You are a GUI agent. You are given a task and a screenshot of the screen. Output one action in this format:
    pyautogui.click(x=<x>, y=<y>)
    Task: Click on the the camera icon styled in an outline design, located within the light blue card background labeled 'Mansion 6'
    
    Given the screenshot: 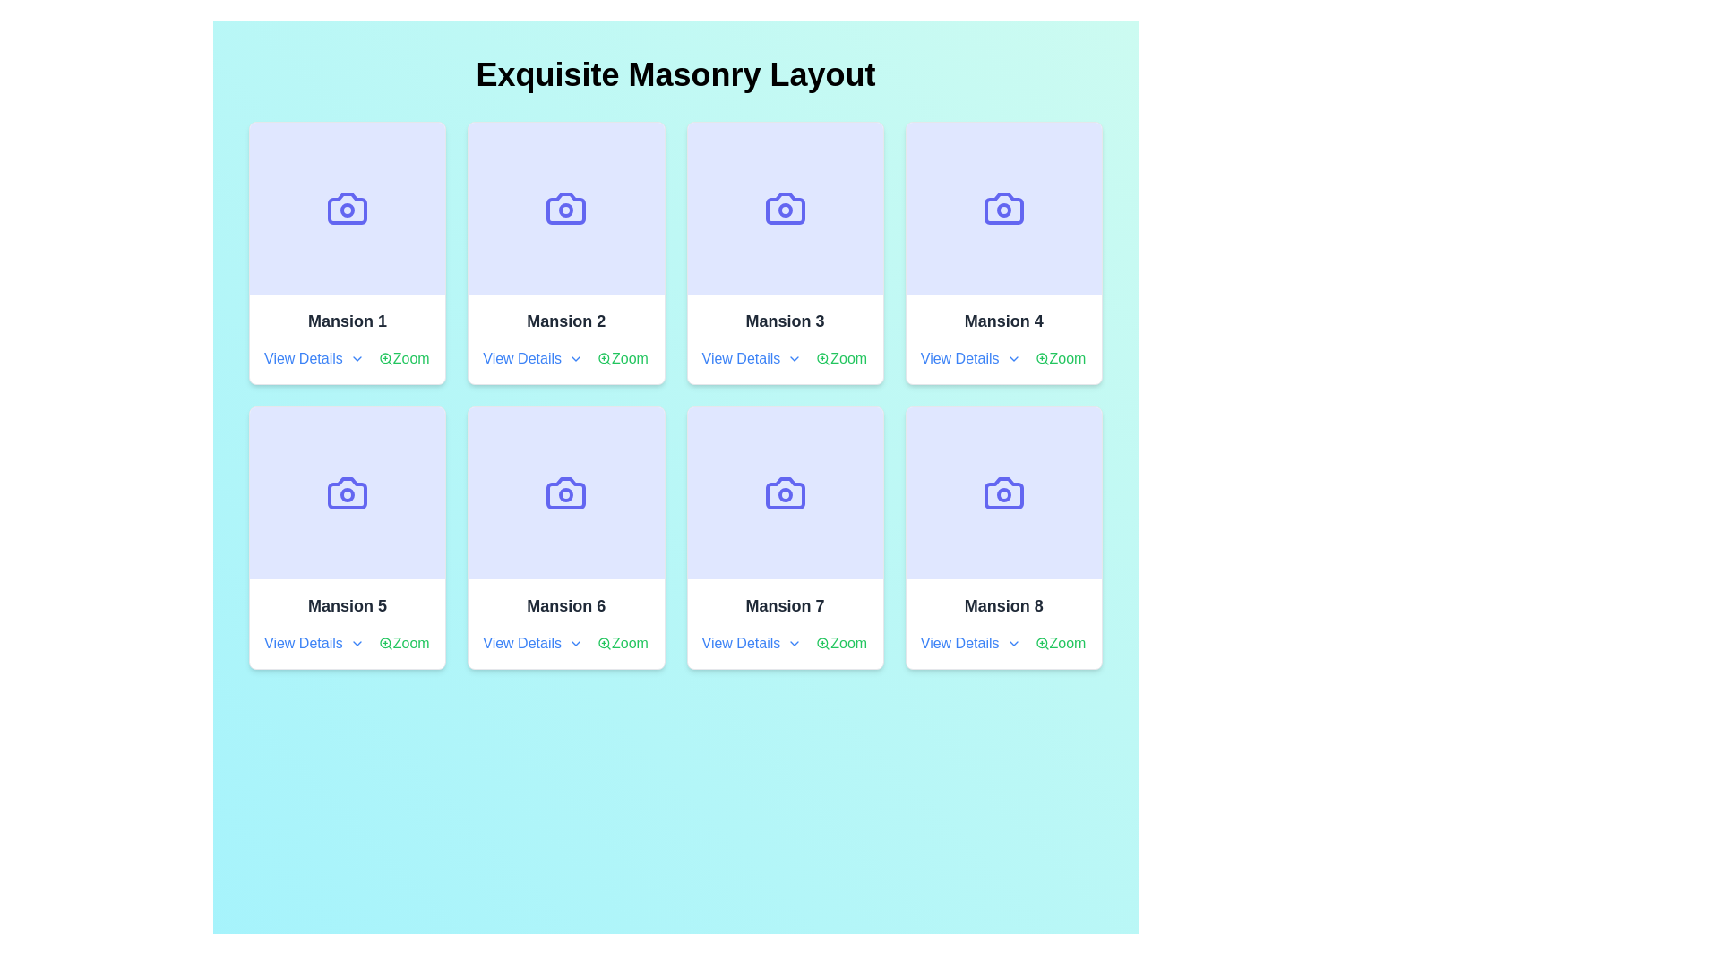 What is the action you would take?
    pyautogui.click(x=565, y=493)
    